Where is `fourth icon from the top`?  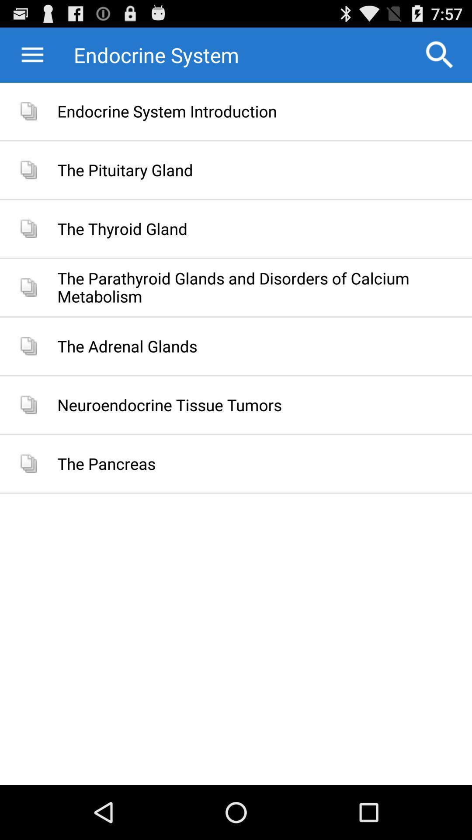
fourth icon from the top is located at coordinates (28, 287).